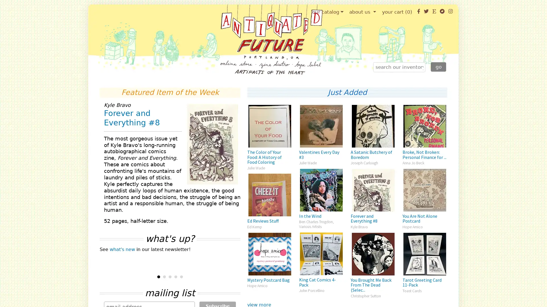 Image resolution: width=547 pixels, height=307 pixels. Describe the element at coordinates (438, 67) in the screenshot. I see `go` at that location.